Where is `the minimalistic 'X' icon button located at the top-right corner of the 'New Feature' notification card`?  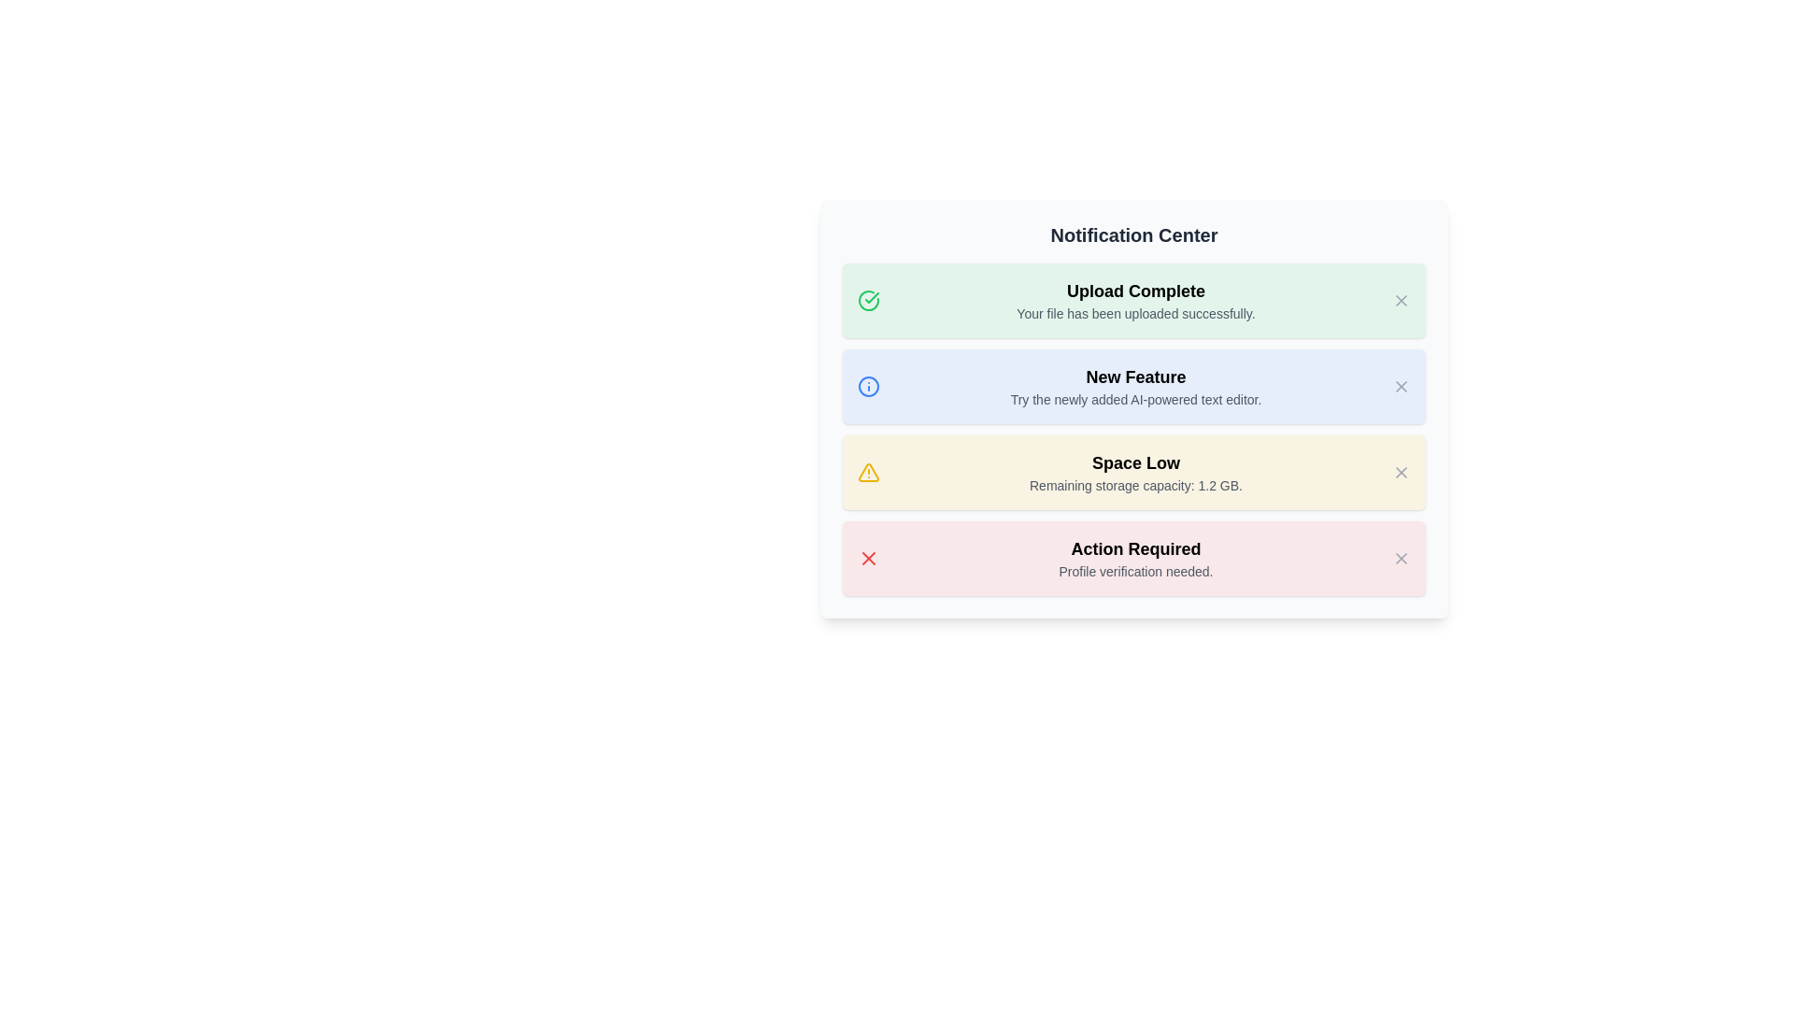 the minimalistic 'X' icon button located at the top-right corner of the 'New Feature' notification card is located at coordinates (1401, 385).